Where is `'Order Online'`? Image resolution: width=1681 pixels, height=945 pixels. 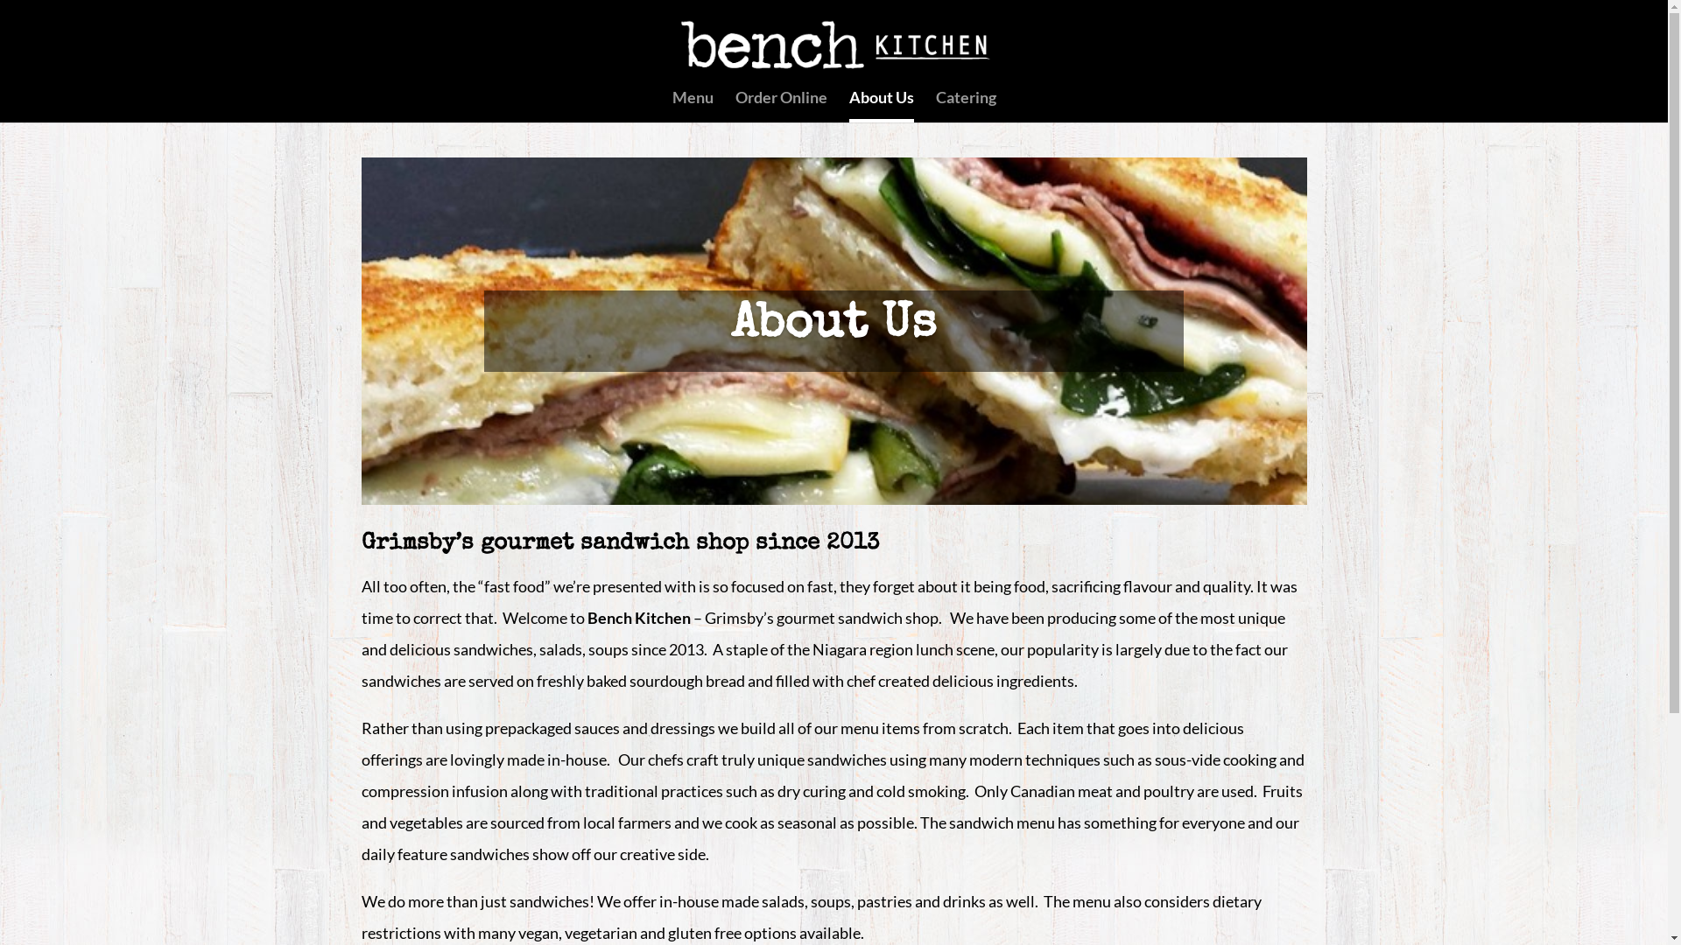 'Order Online' is located at coordinates (780, 104).